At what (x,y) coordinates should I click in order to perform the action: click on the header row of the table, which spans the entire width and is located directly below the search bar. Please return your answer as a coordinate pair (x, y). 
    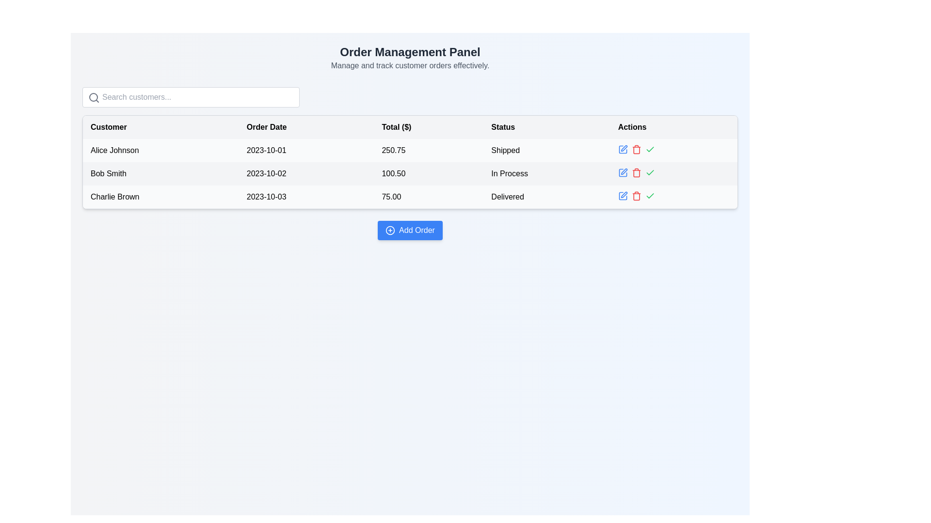
    Looking at the image, I should click on (410, 126).